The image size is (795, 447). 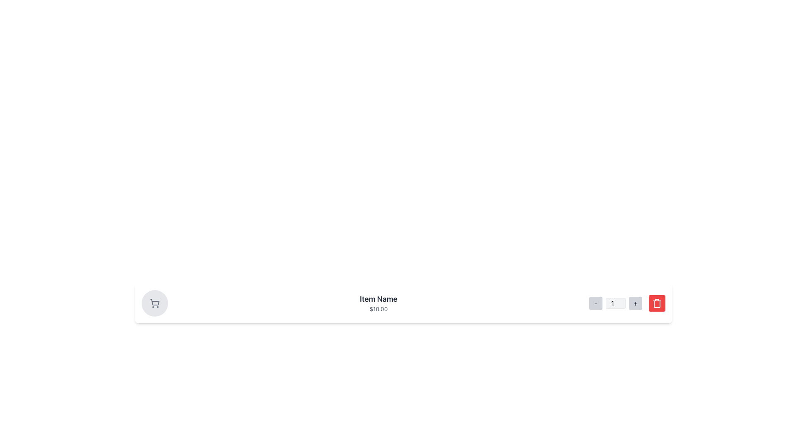 I want to click on the shopping cart icon located in the center of the circular button on the far-left side of the row above the text 'Item Name', so click(x=155, y=303).